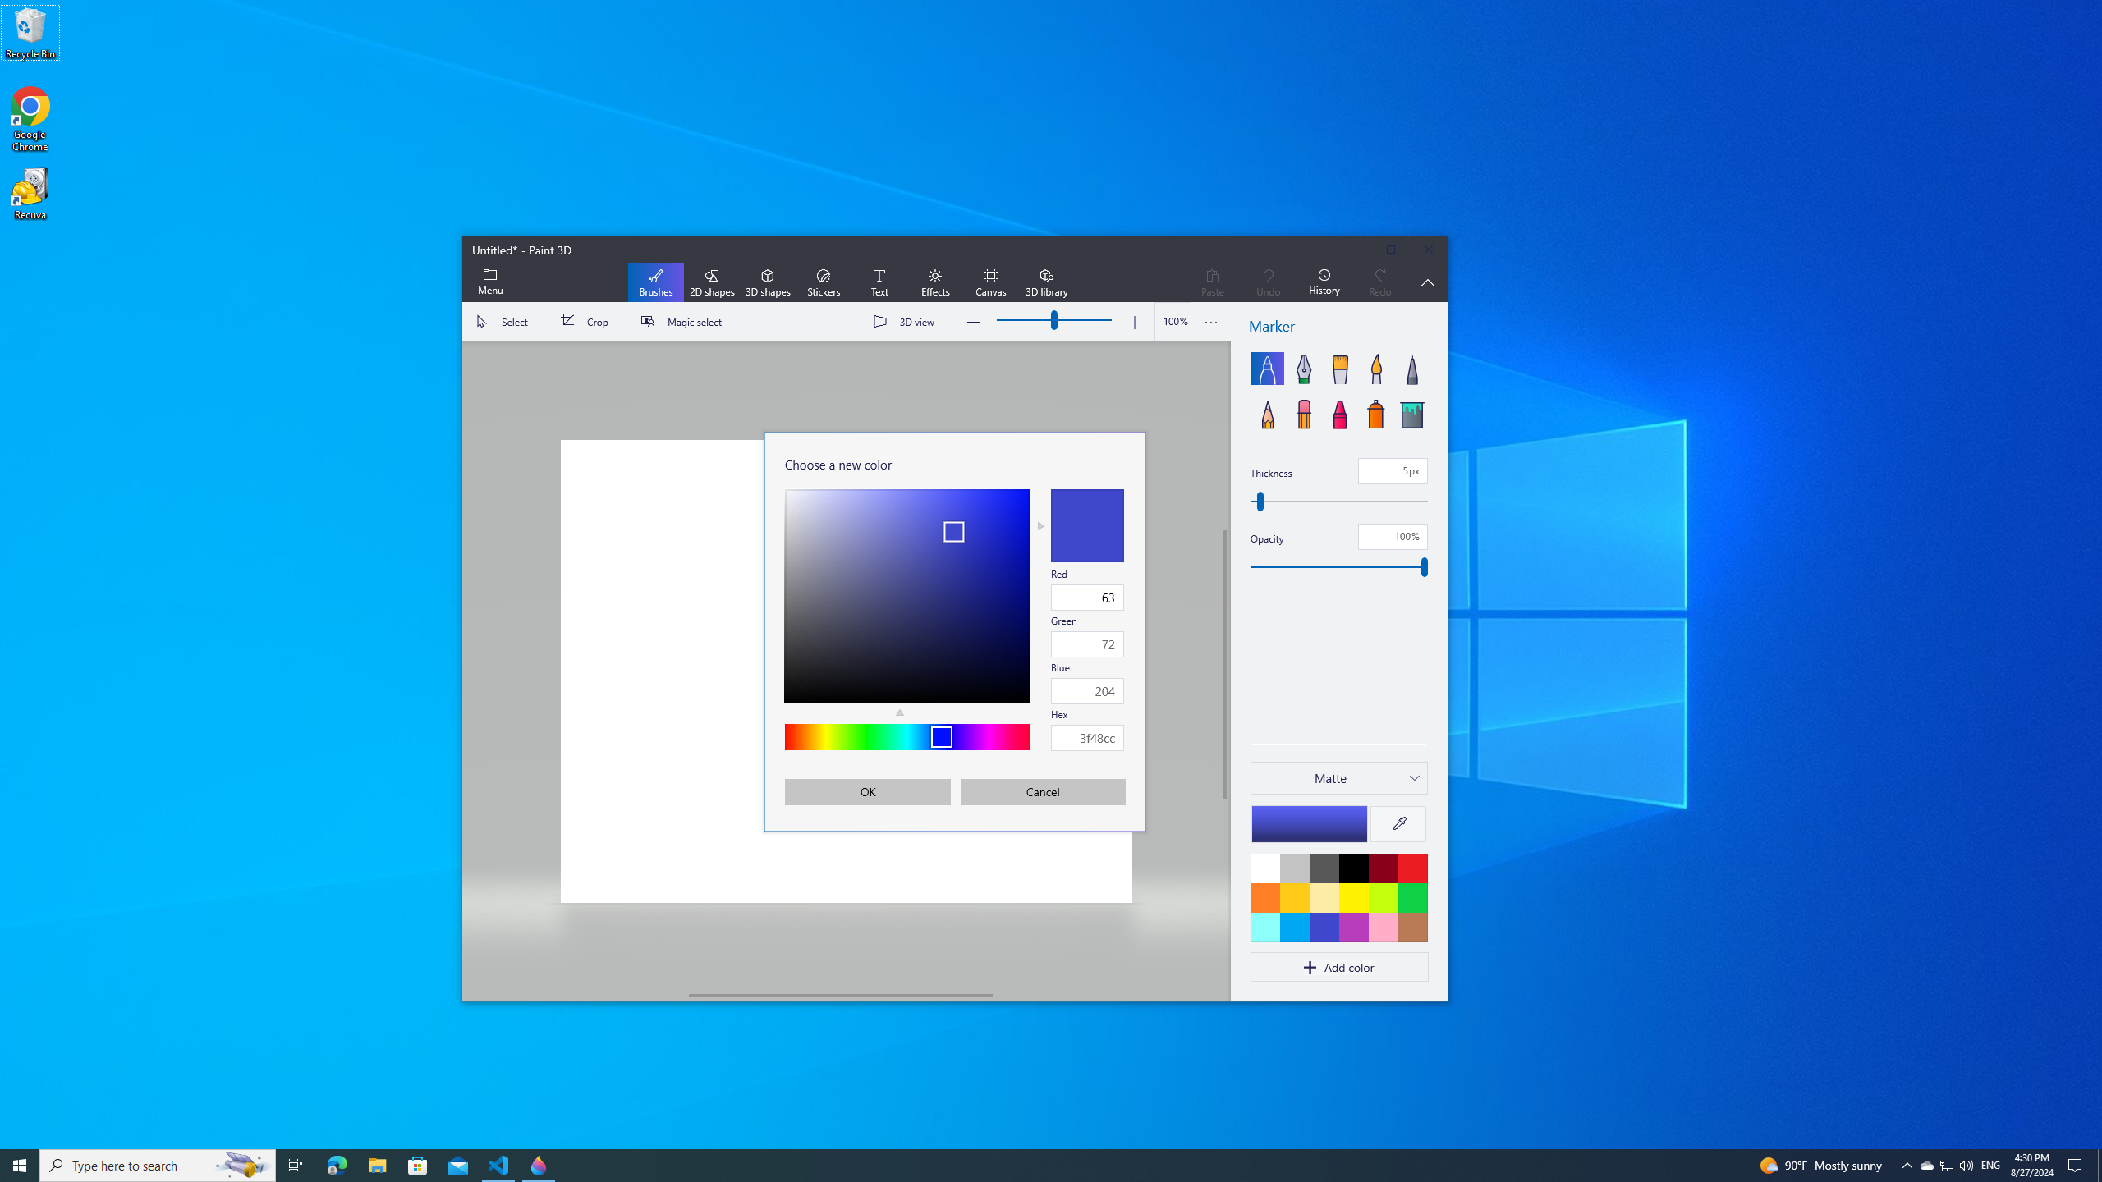 The height and width of the screenshot is (1182, 2102). I want to click on 'Type here to search', so click(157, 1164).